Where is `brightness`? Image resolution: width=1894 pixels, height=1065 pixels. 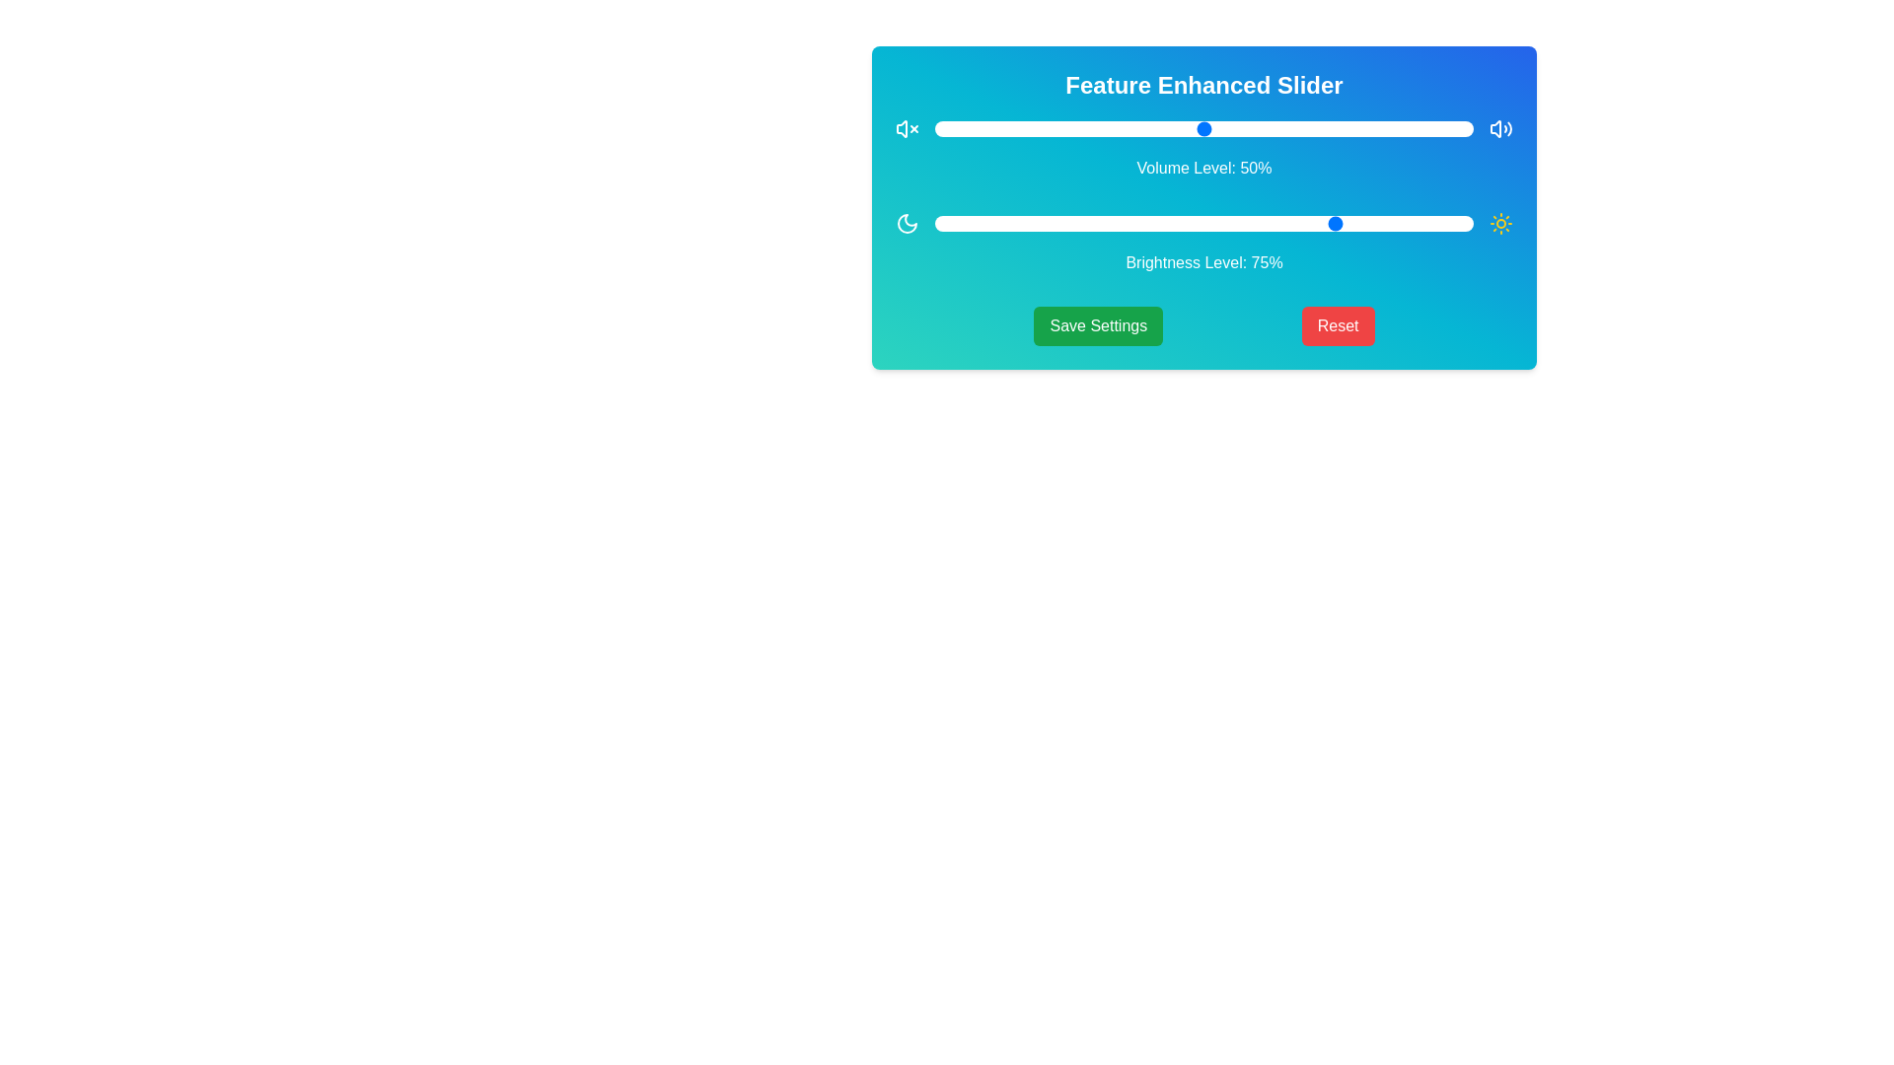
brightness is located at coordinates (1413, 223).